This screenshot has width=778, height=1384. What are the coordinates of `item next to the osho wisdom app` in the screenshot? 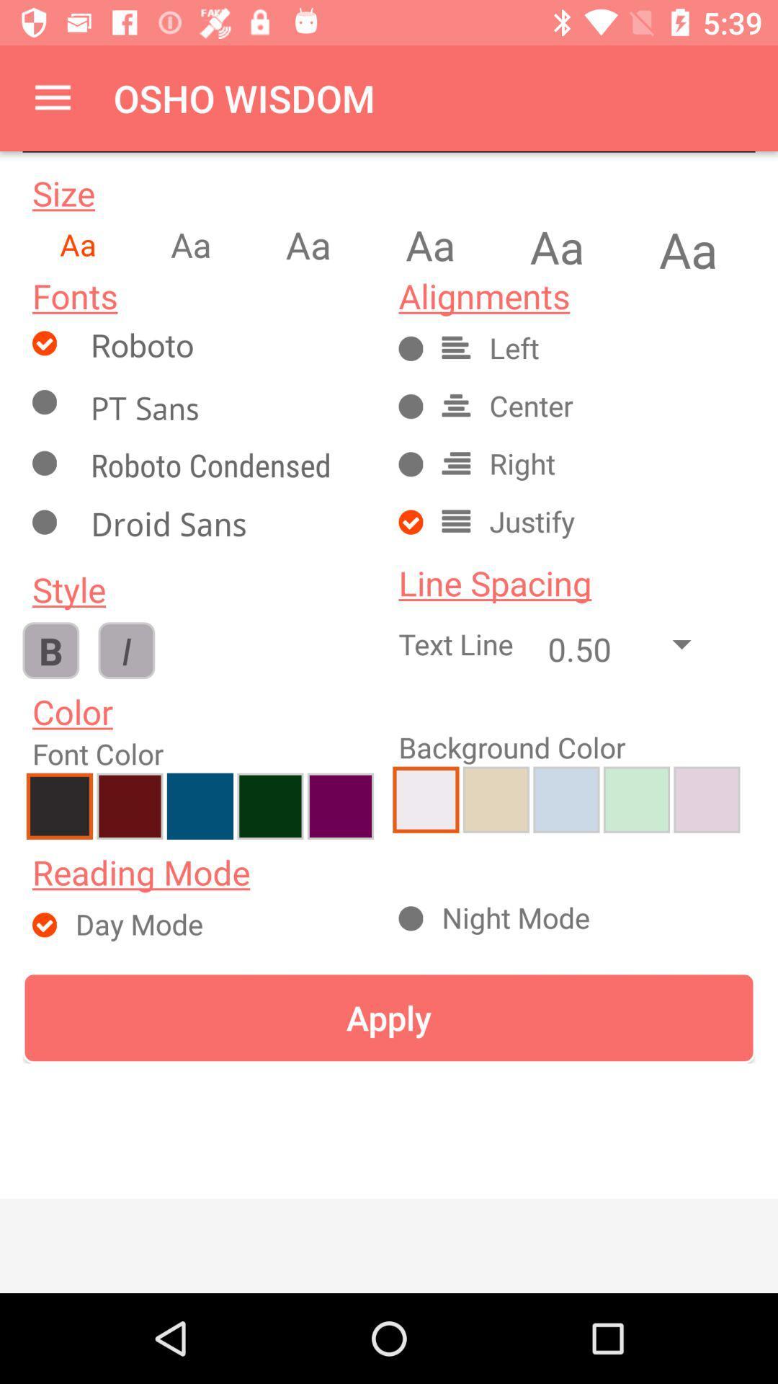 It's located at (52, 97).